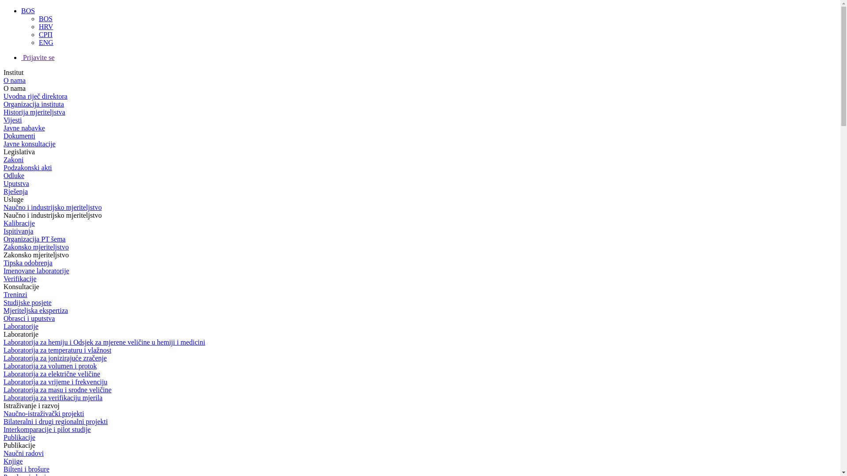  I want to click on 'BOS', so click(28, 11).